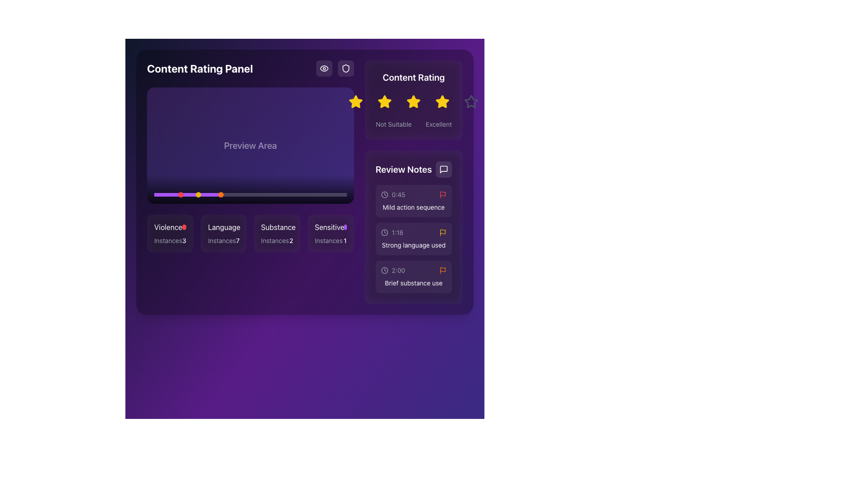 This screenshot has height=487, width=866. What do you see at coordinates (250, 194) in the screenshot?
I see `the Progress bar located in the lower-central part of the interface, positioned beneath the 'Preview Area' block` at bounding box center [250, 194].